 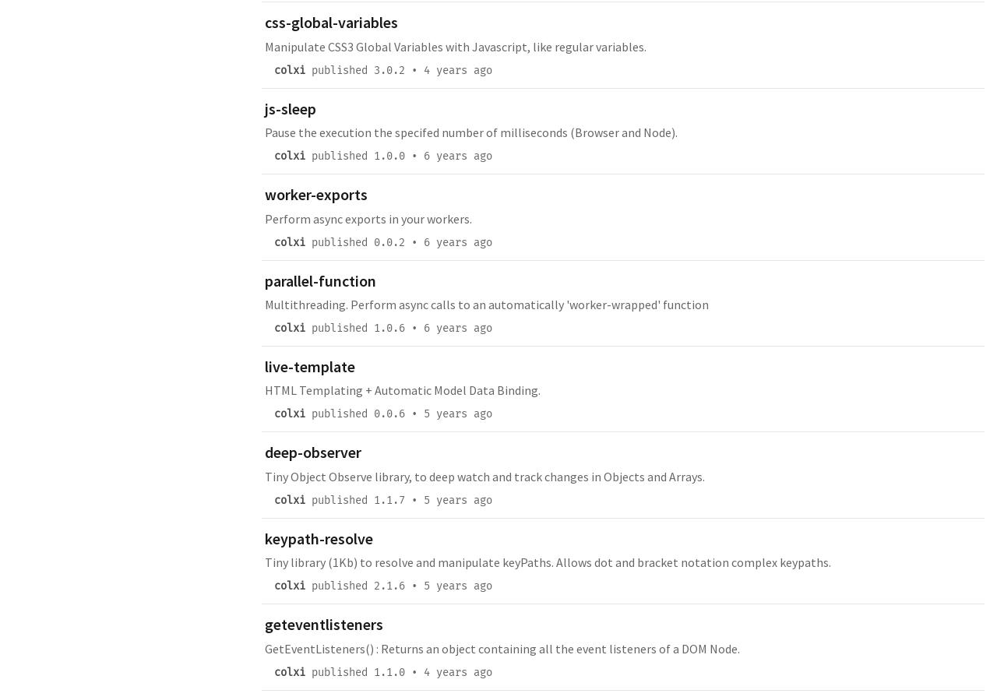 What do you see at coordinates (548, 561) in the screenshot?
I see `'Tiny library (1Kb) to resolve and manipulate keyPaths. Allows dot and bracket notation complex keypaths.'` at bounding box center [548, 561].